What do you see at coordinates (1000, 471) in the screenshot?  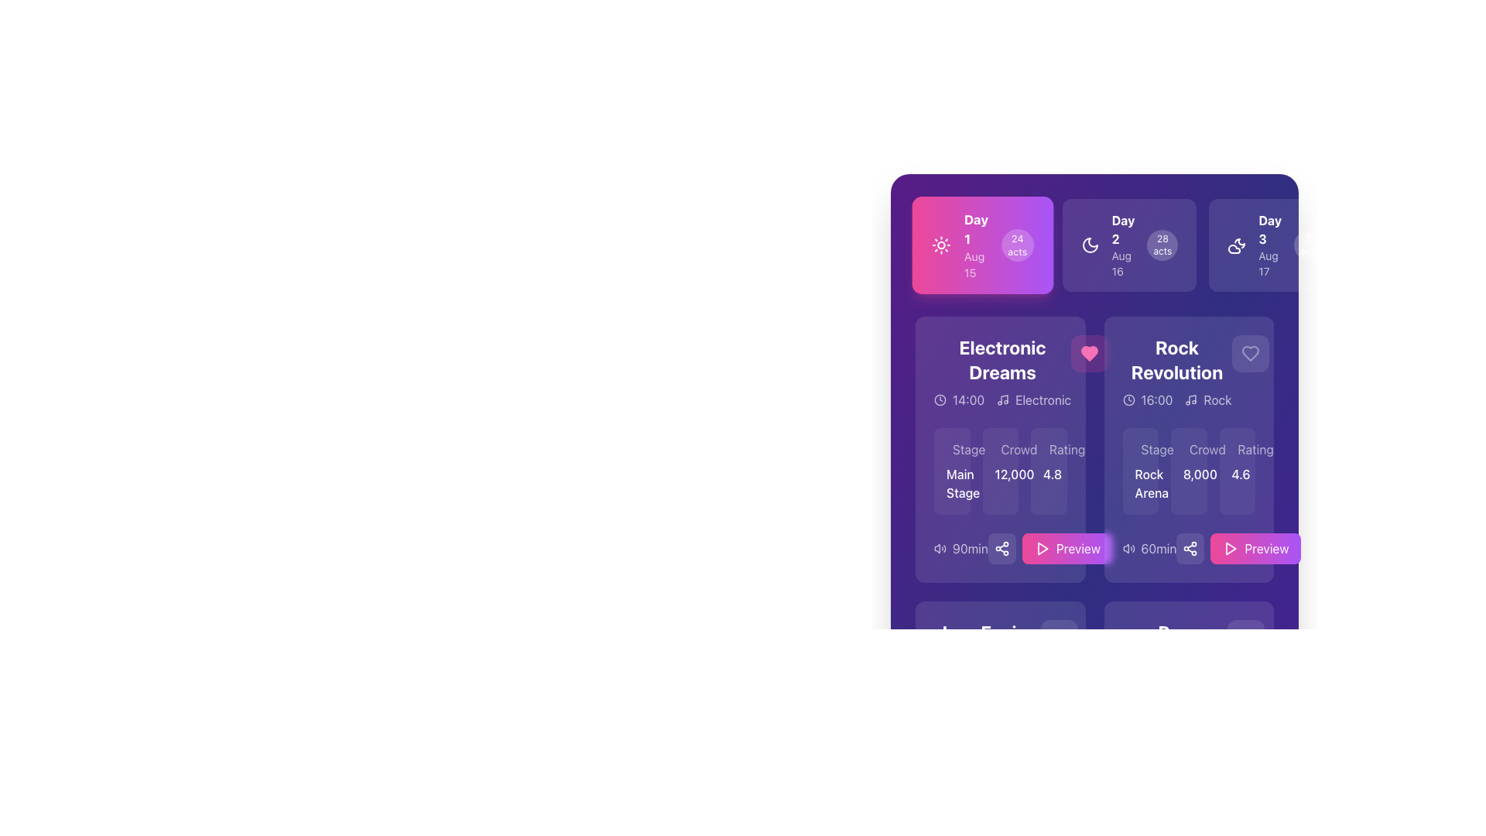 I see `the text label displaying '12,000' which indicates the crowd metric, located in the middle card of a three-column layout under the 'Electronic Dreams' section` at bounding box center [1000, 471].